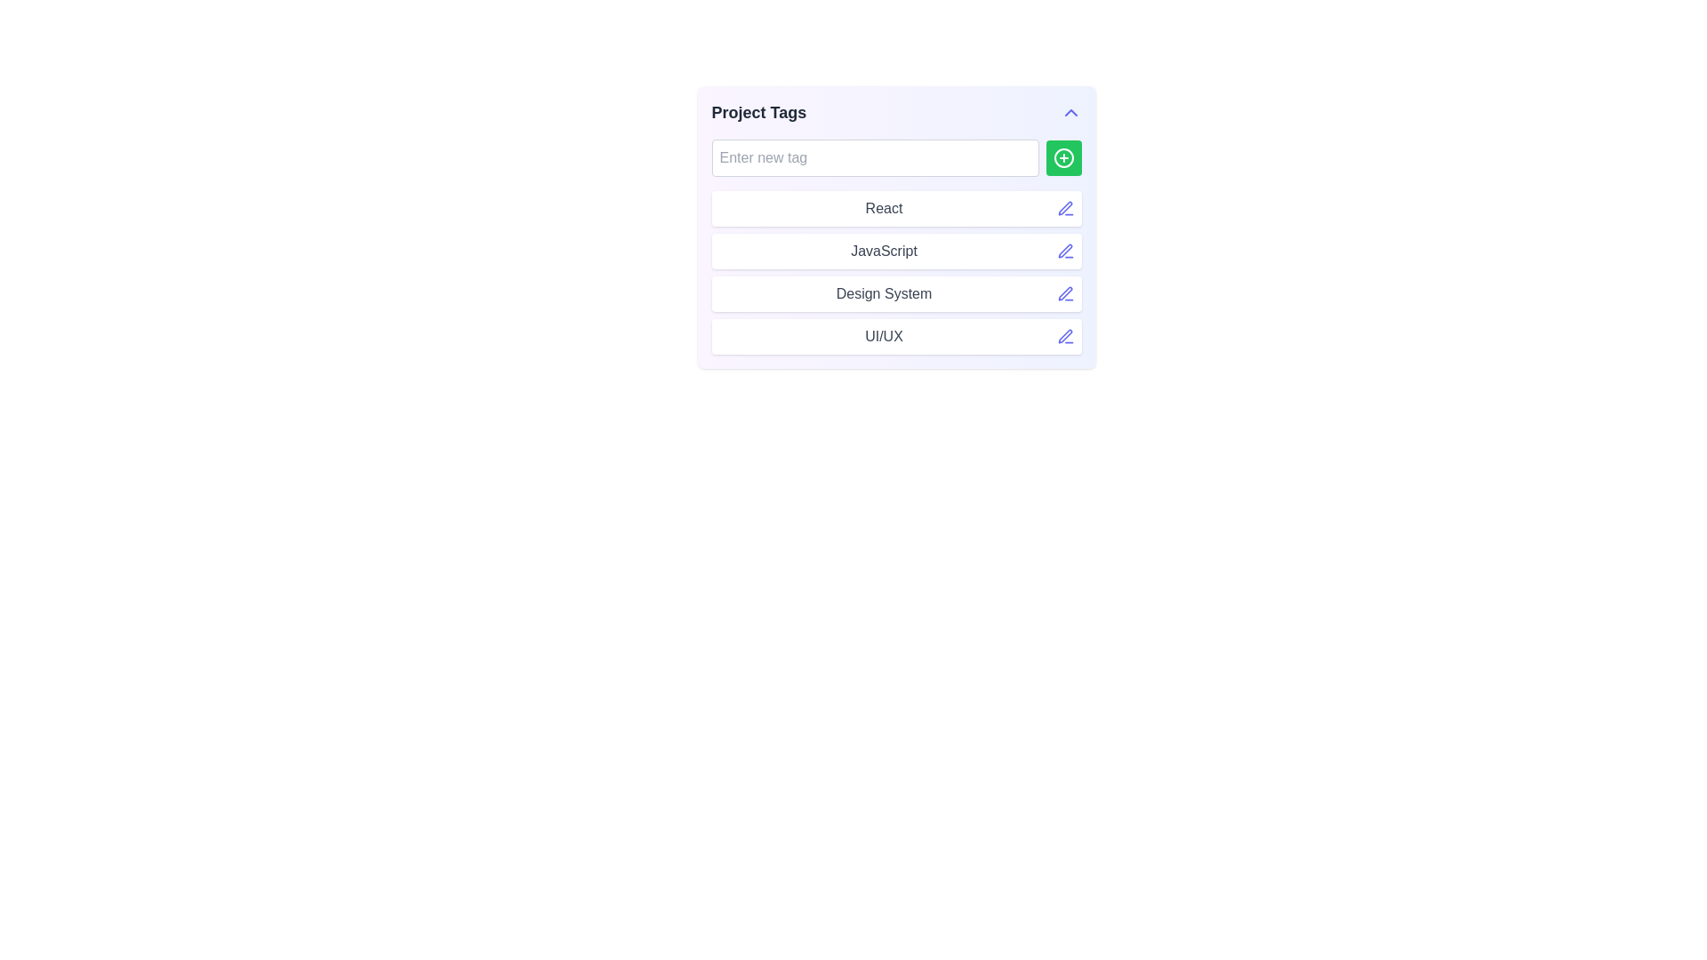 The width and height of the screenshot is (1707, 960). What do you see at coordinates (1065, 292) in the screenshot?
I see `the indigo edit icon resembling a pen or pencil, located to the right of the 'Design System' tag in the 'Project Tags' section` at bounding box center [1065, 292].